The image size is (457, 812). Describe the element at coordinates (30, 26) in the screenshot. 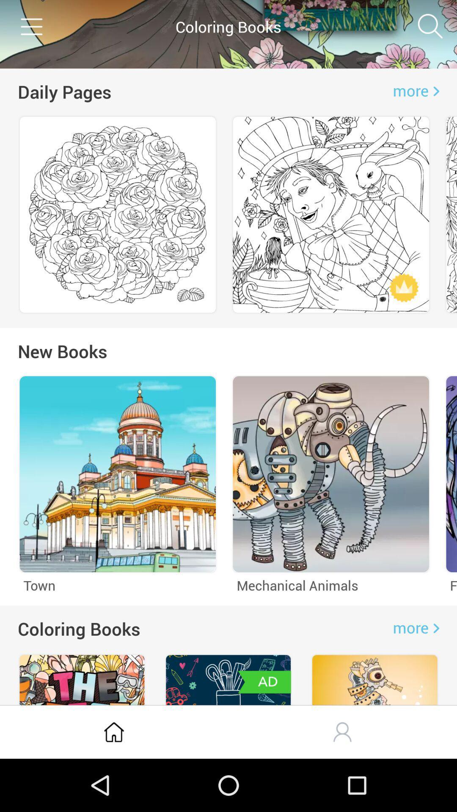

I see `item above daily pages item` at that location.